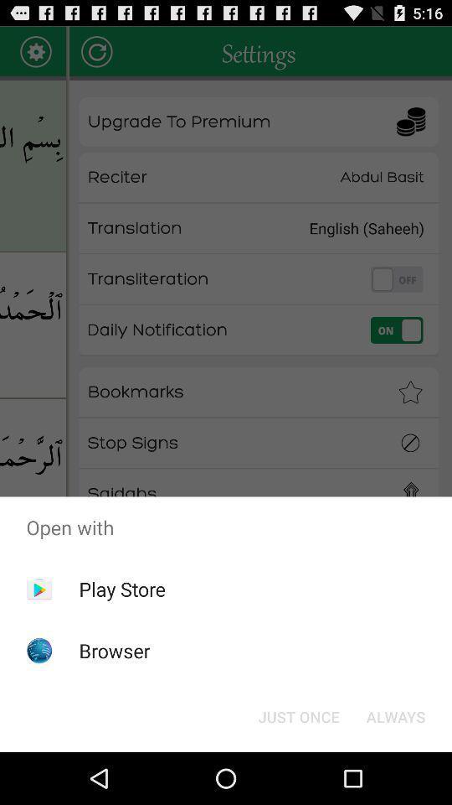 Image resolution: width=452 pixels, height=805 pixels. I want to click on the browser app, so click(114, 650).